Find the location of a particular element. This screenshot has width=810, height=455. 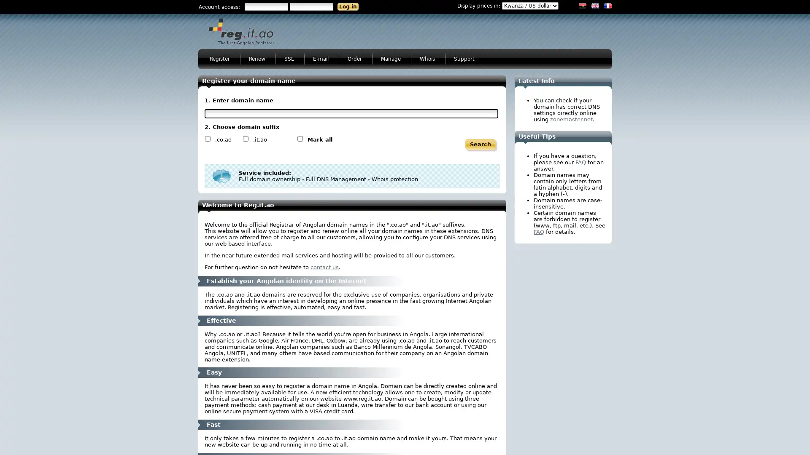

Log in is located at coordinates (348, 6).